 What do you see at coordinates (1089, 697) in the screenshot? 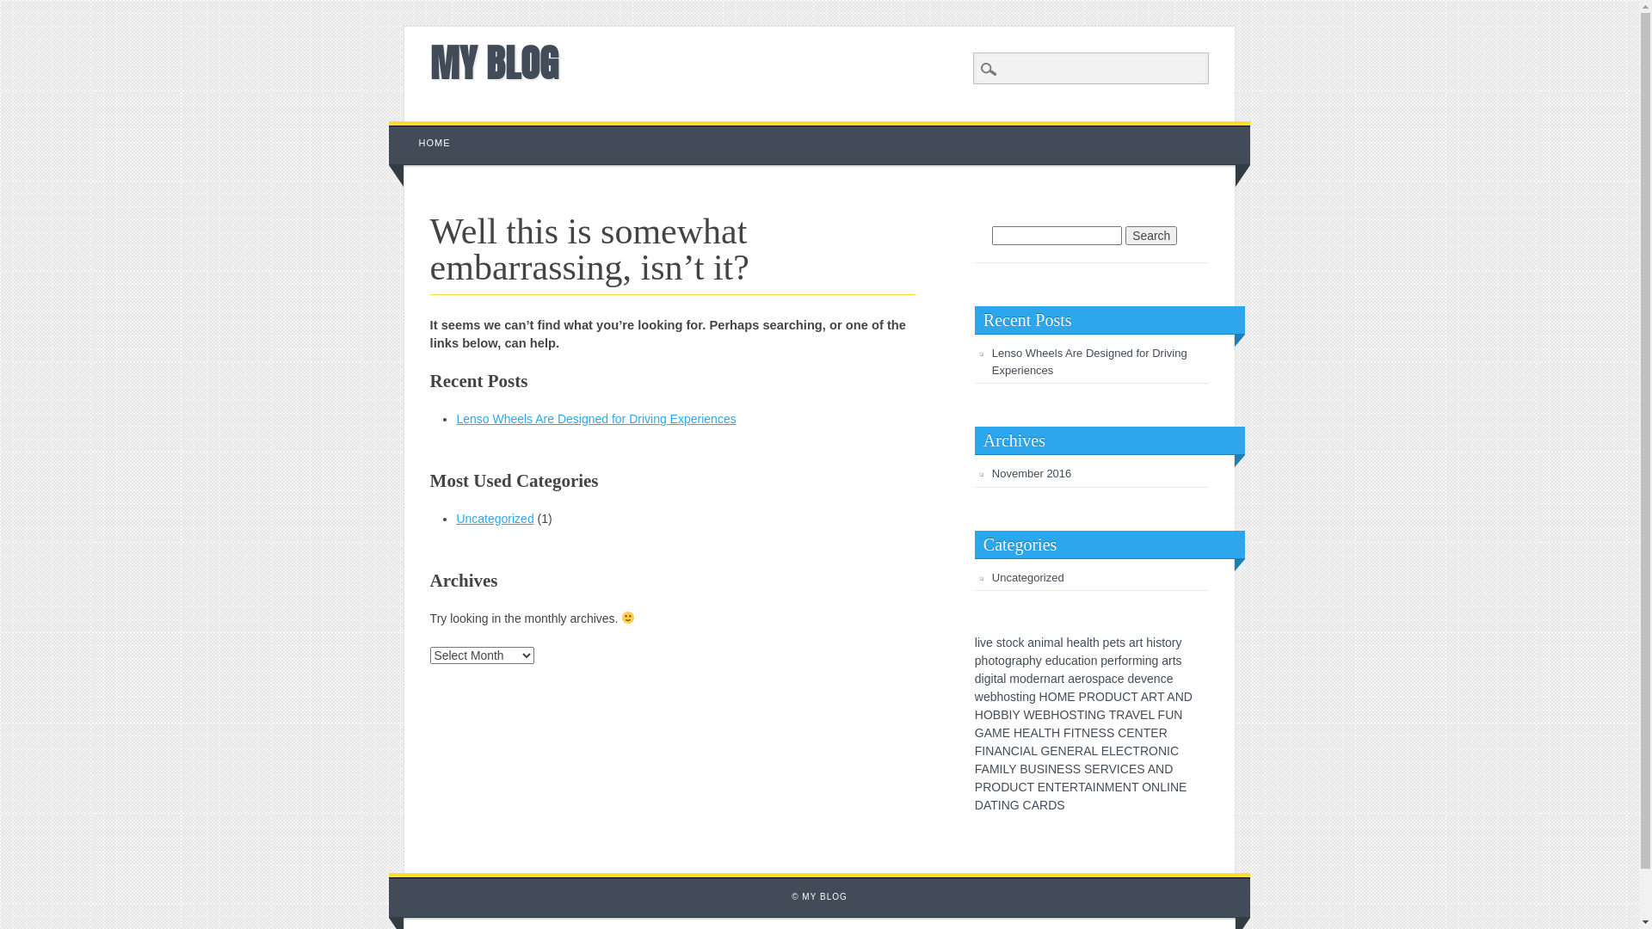
I see `'R'` at bounding box center [1089, 697].